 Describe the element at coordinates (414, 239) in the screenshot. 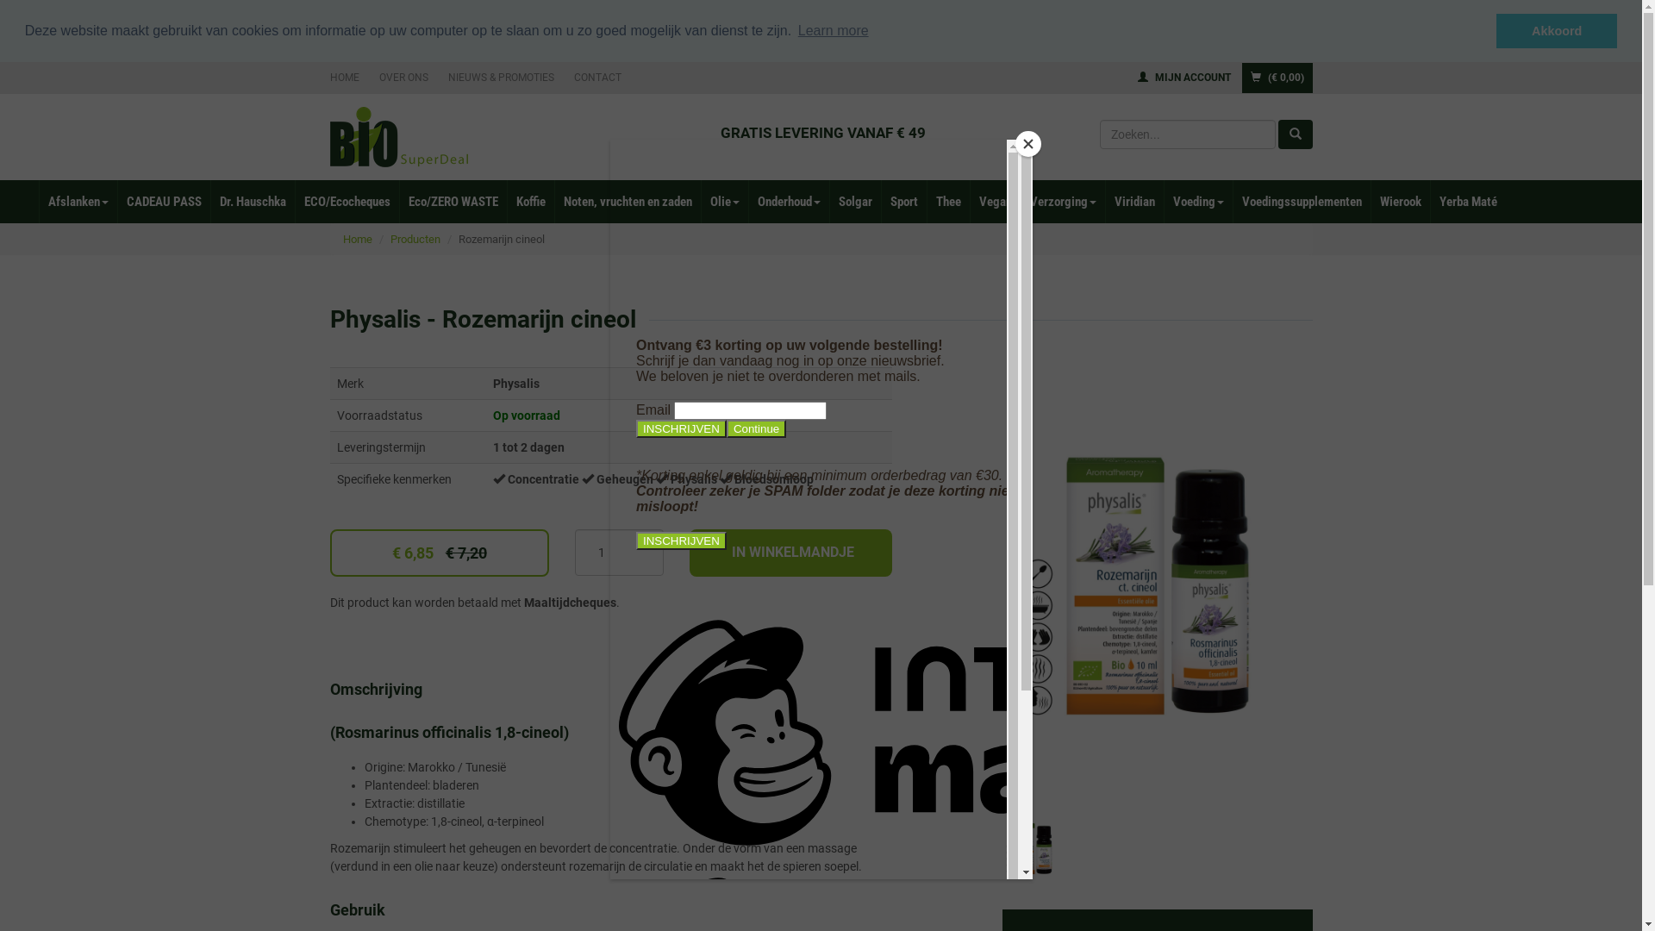

I see `'Producten'` at that location.